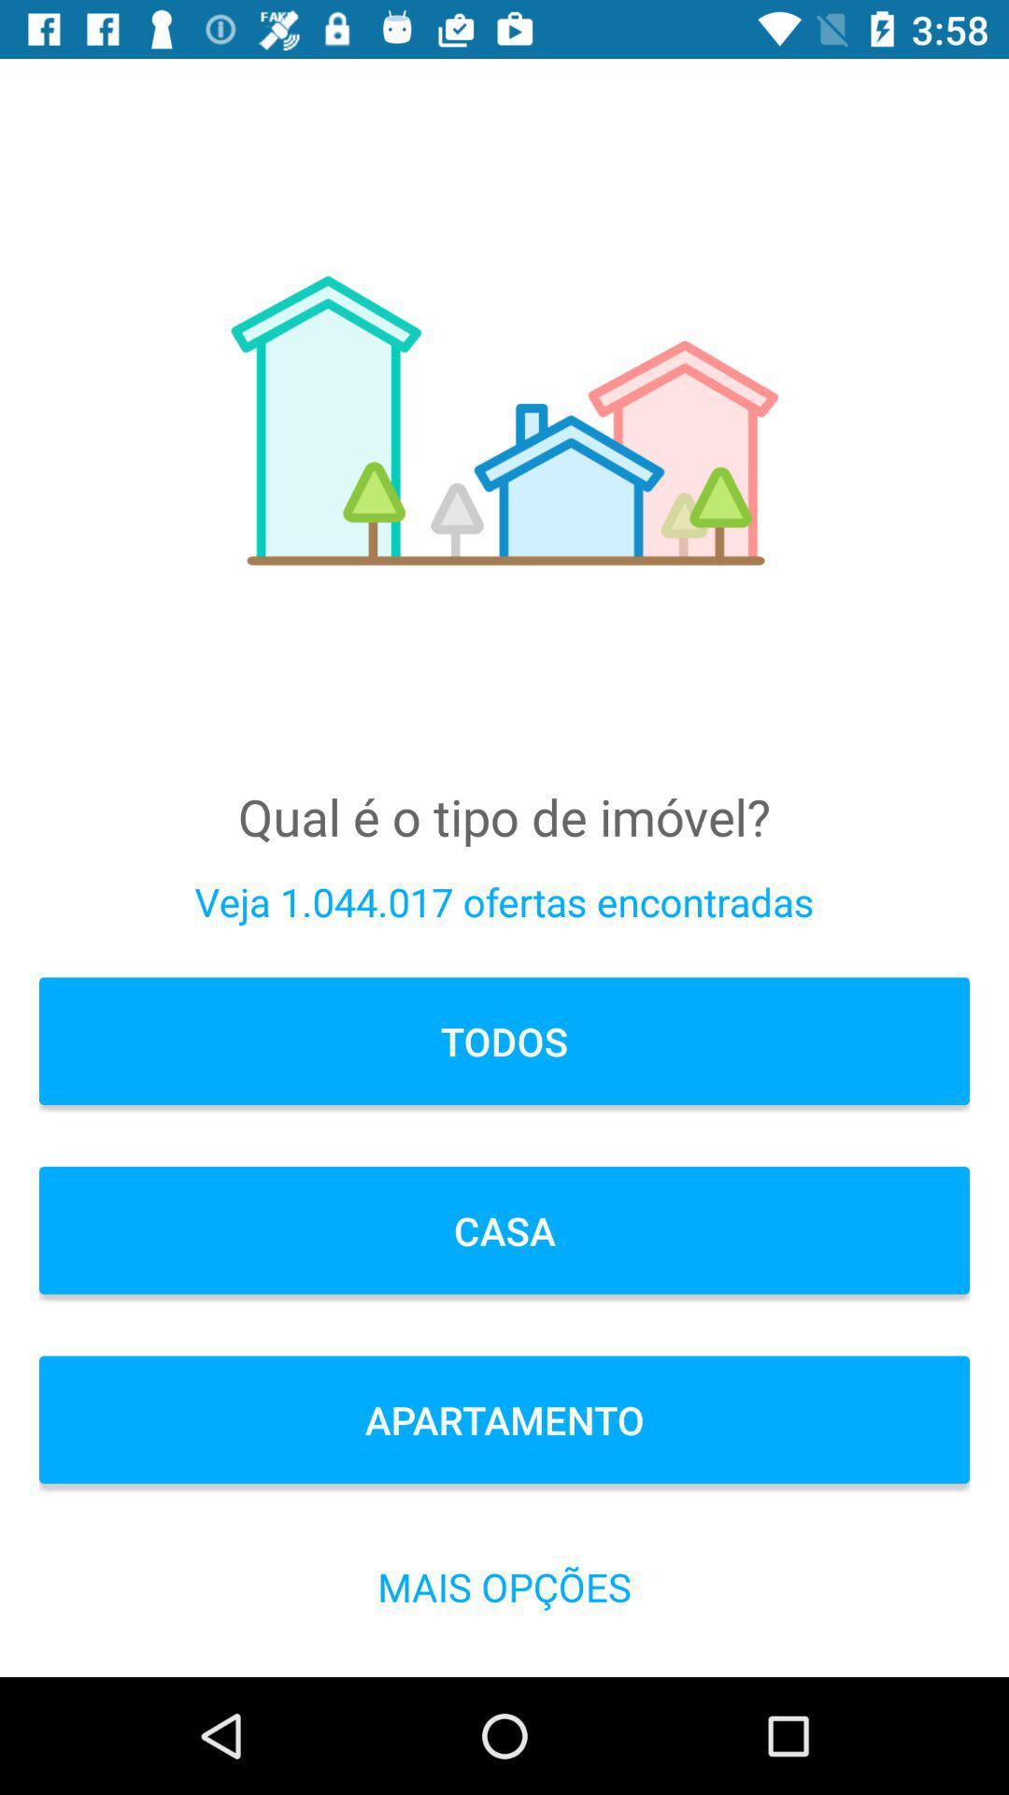 Image resolution: width=1009 pixels, height=1795 pixels. I want to click on the item below the casa, so click(504, 1419).